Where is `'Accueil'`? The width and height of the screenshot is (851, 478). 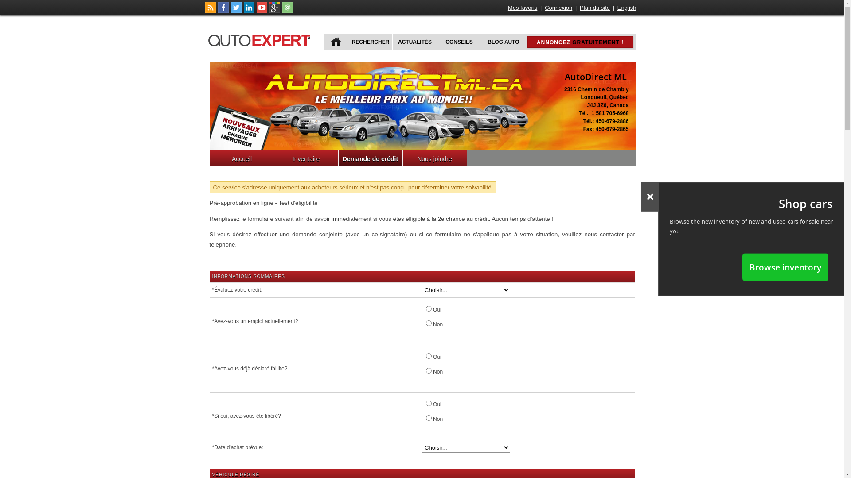 'Accueil' is located at coordinates (242, 158).